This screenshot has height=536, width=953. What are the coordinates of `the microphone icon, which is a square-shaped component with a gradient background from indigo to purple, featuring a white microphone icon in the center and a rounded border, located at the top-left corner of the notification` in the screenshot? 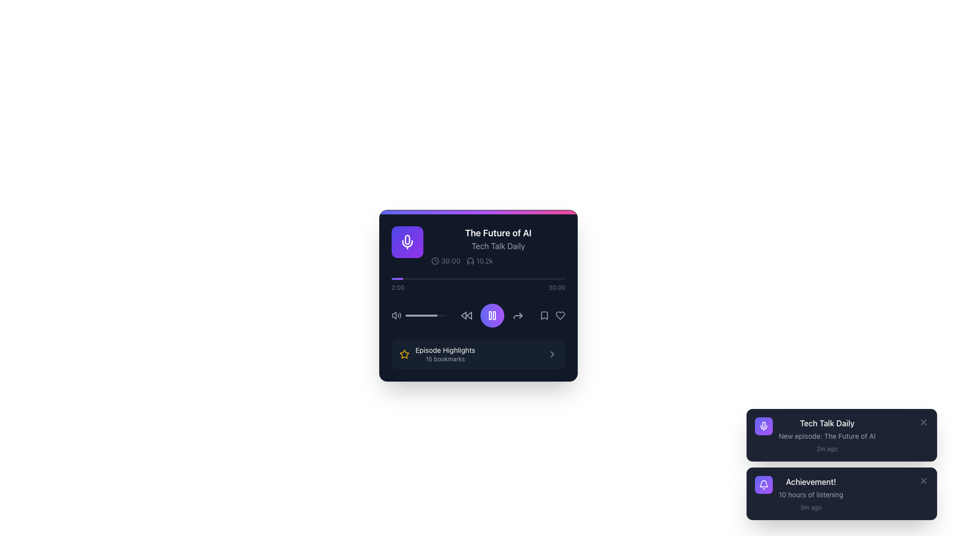 It's located at (763, 426).